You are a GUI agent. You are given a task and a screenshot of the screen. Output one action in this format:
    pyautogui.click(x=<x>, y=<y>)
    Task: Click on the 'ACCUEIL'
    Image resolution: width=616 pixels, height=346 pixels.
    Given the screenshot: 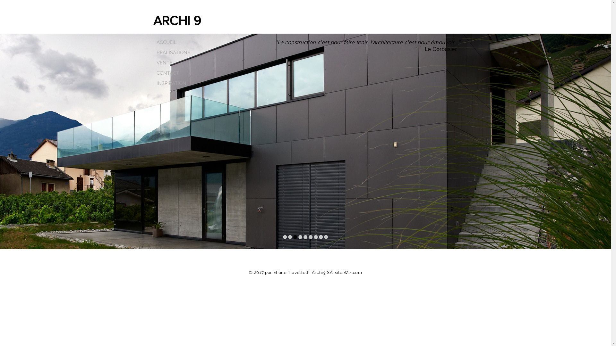 What is the action you would take?
    pyautogui.click(x=173, y=42)
    